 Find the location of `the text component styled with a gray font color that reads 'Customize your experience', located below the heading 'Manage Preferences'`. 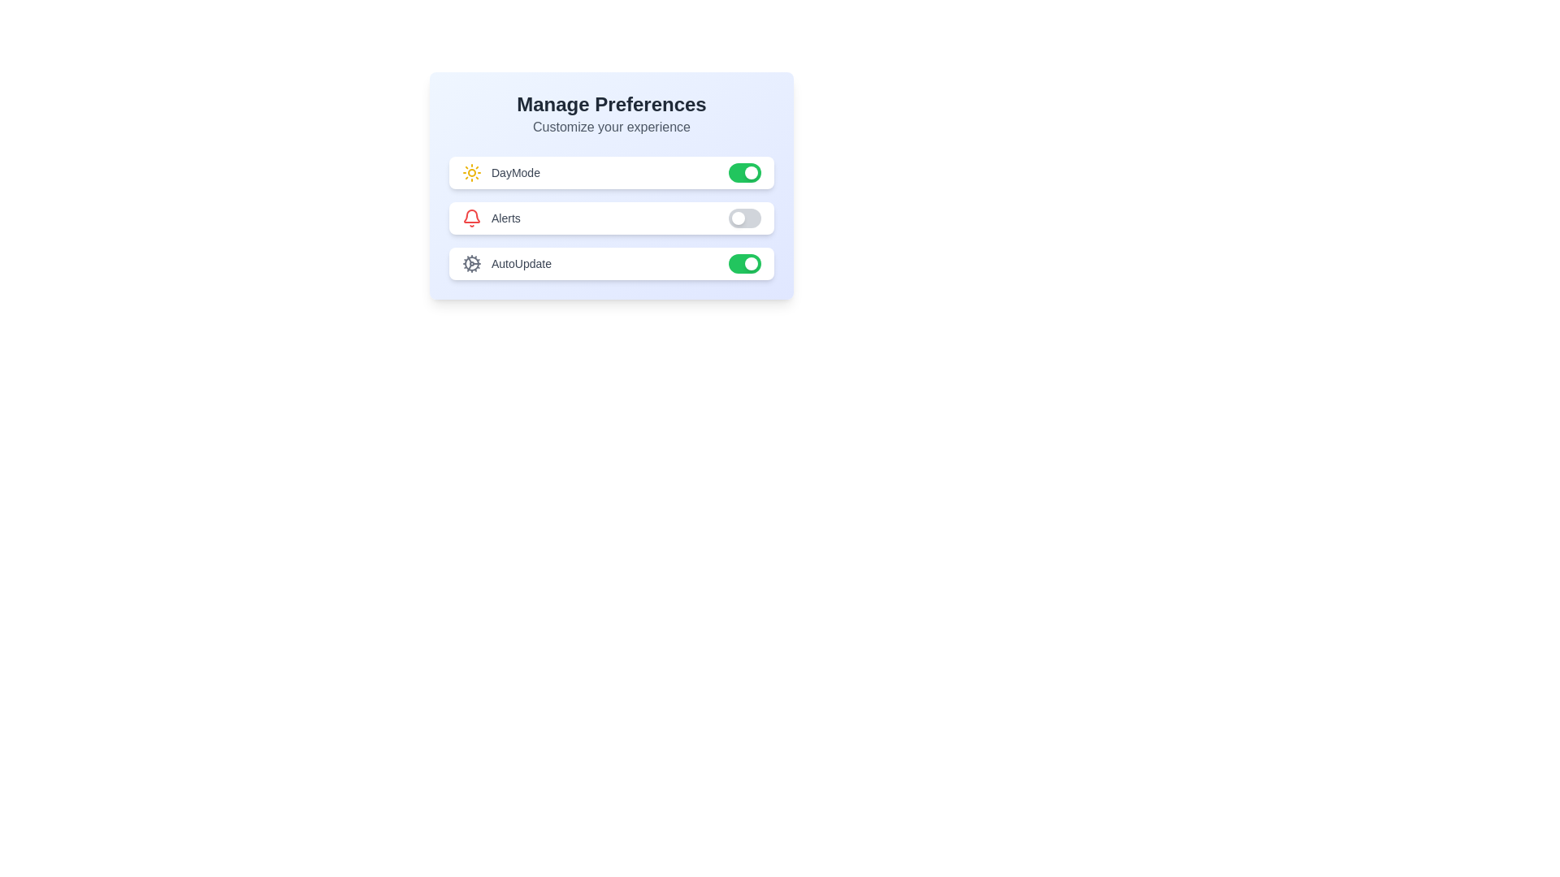

the text component styled with a gray font color that reads 'Customize your experience', located below the heading 'Manage Preferences' is located at coordinates (611, 127).